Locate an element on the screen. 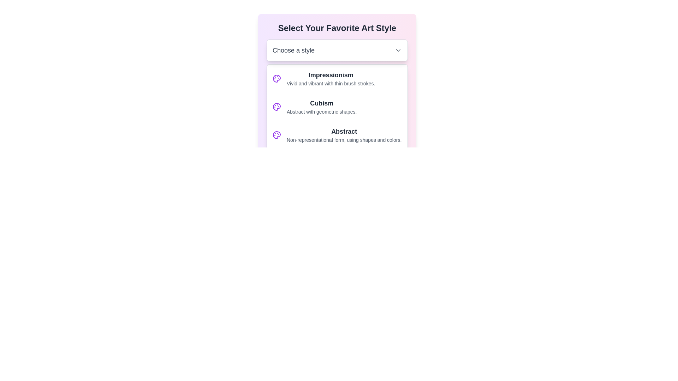 Image resolution: width=678 pixels, height=381 pixels. the Text Label that provides supplementary information for the 'Abstract' art style item, which is positioned below the 'Abstract' element in the list is located at coordinates (344, 140).